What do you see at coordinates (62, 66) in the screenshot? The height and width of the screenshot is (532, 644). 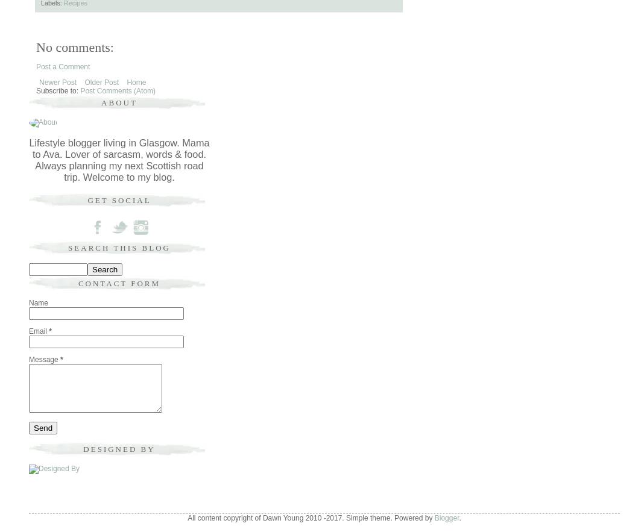 I see `'Post a Comment'` at bounding box center [62, 66].